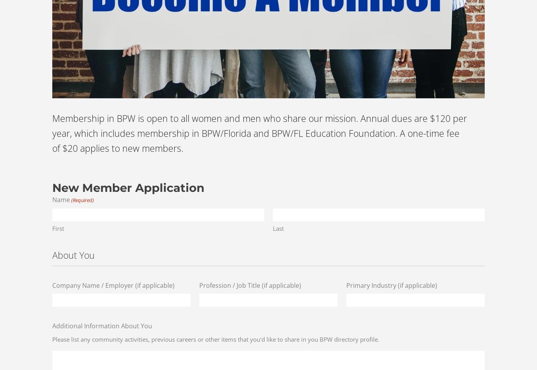  What do you see at coordinates (259, 133) in the screenshot?
I see `'Membership in BPW is open to all women and men who share our mission. Annual dues are $120 per year, which includes membership in BPW/Florida and BPW/FL Education Foundation. A one-time fee of $20 applies to new members.'` at bounding box center [259, 133].